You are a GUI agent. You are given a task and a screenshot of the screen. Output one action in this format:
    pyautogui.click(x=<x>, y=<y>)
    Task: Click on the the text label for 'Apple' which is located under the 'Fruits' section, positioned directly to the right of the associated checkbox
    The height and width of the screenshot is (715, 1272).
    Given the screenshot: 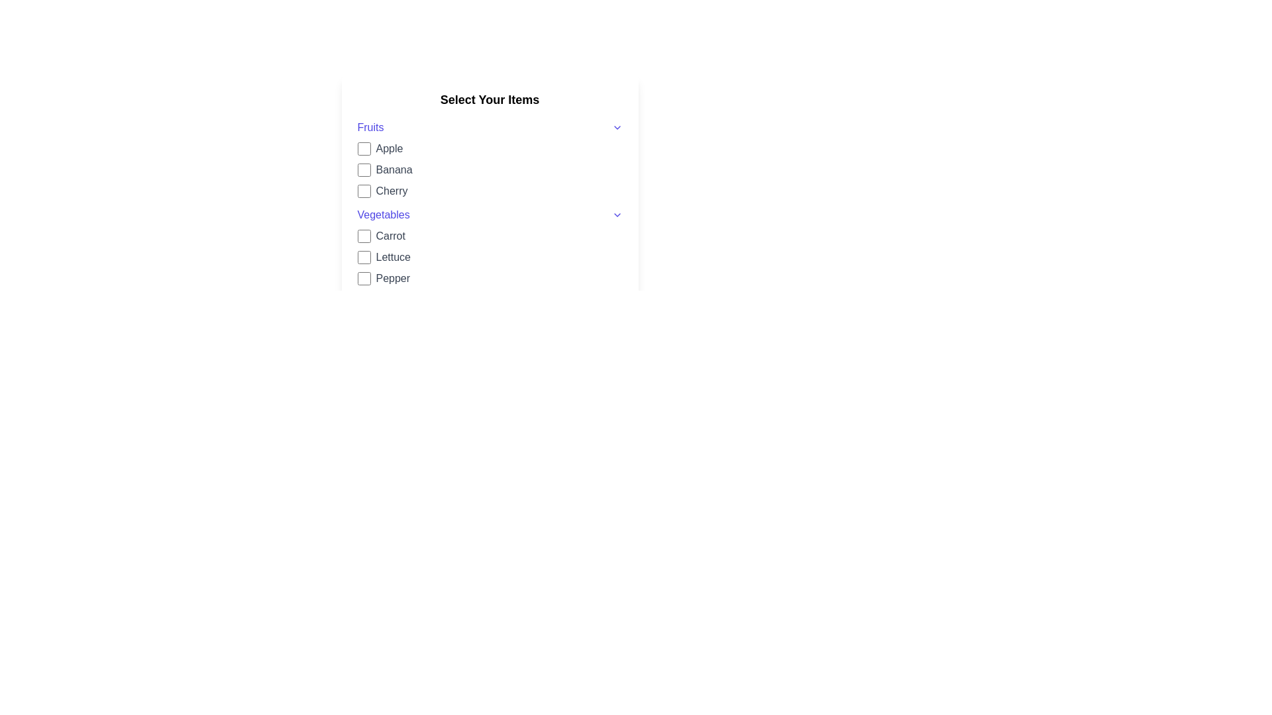 What is the action you would take?
    pyautogui.click(x=388, y=148)
    